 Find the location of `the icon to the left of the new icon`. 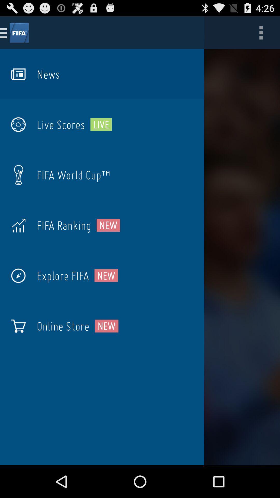

the icon to the left of the new icon is located at coordinates (64, 225).